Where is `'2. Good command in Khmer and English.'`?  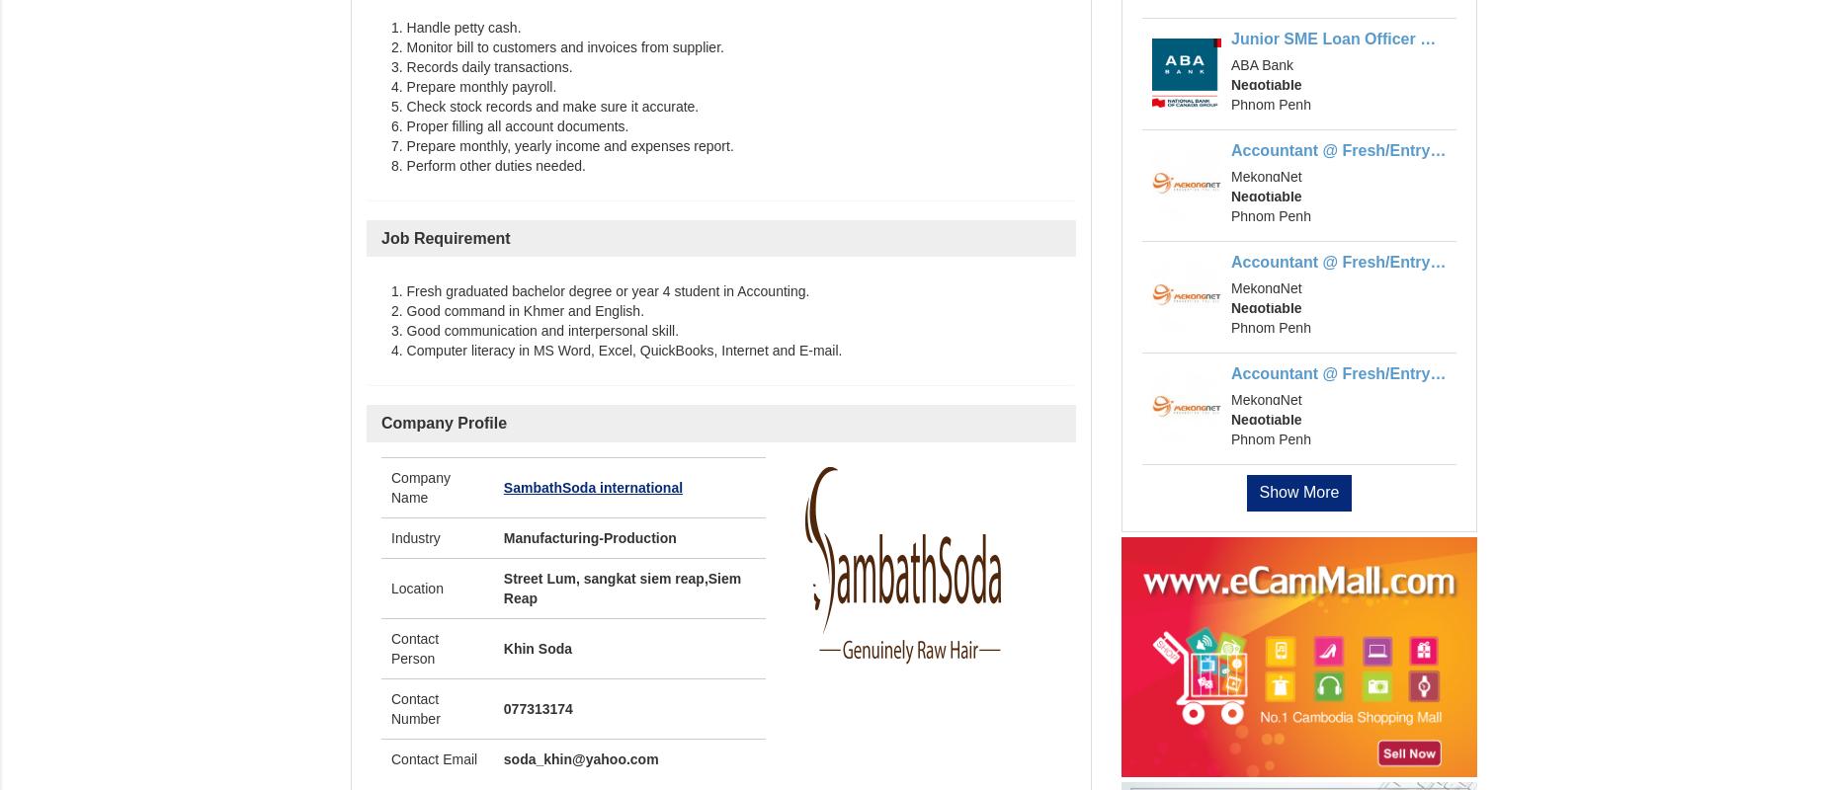
'2. Good command in Khmer and English.' is located at coordinates (390, 309).